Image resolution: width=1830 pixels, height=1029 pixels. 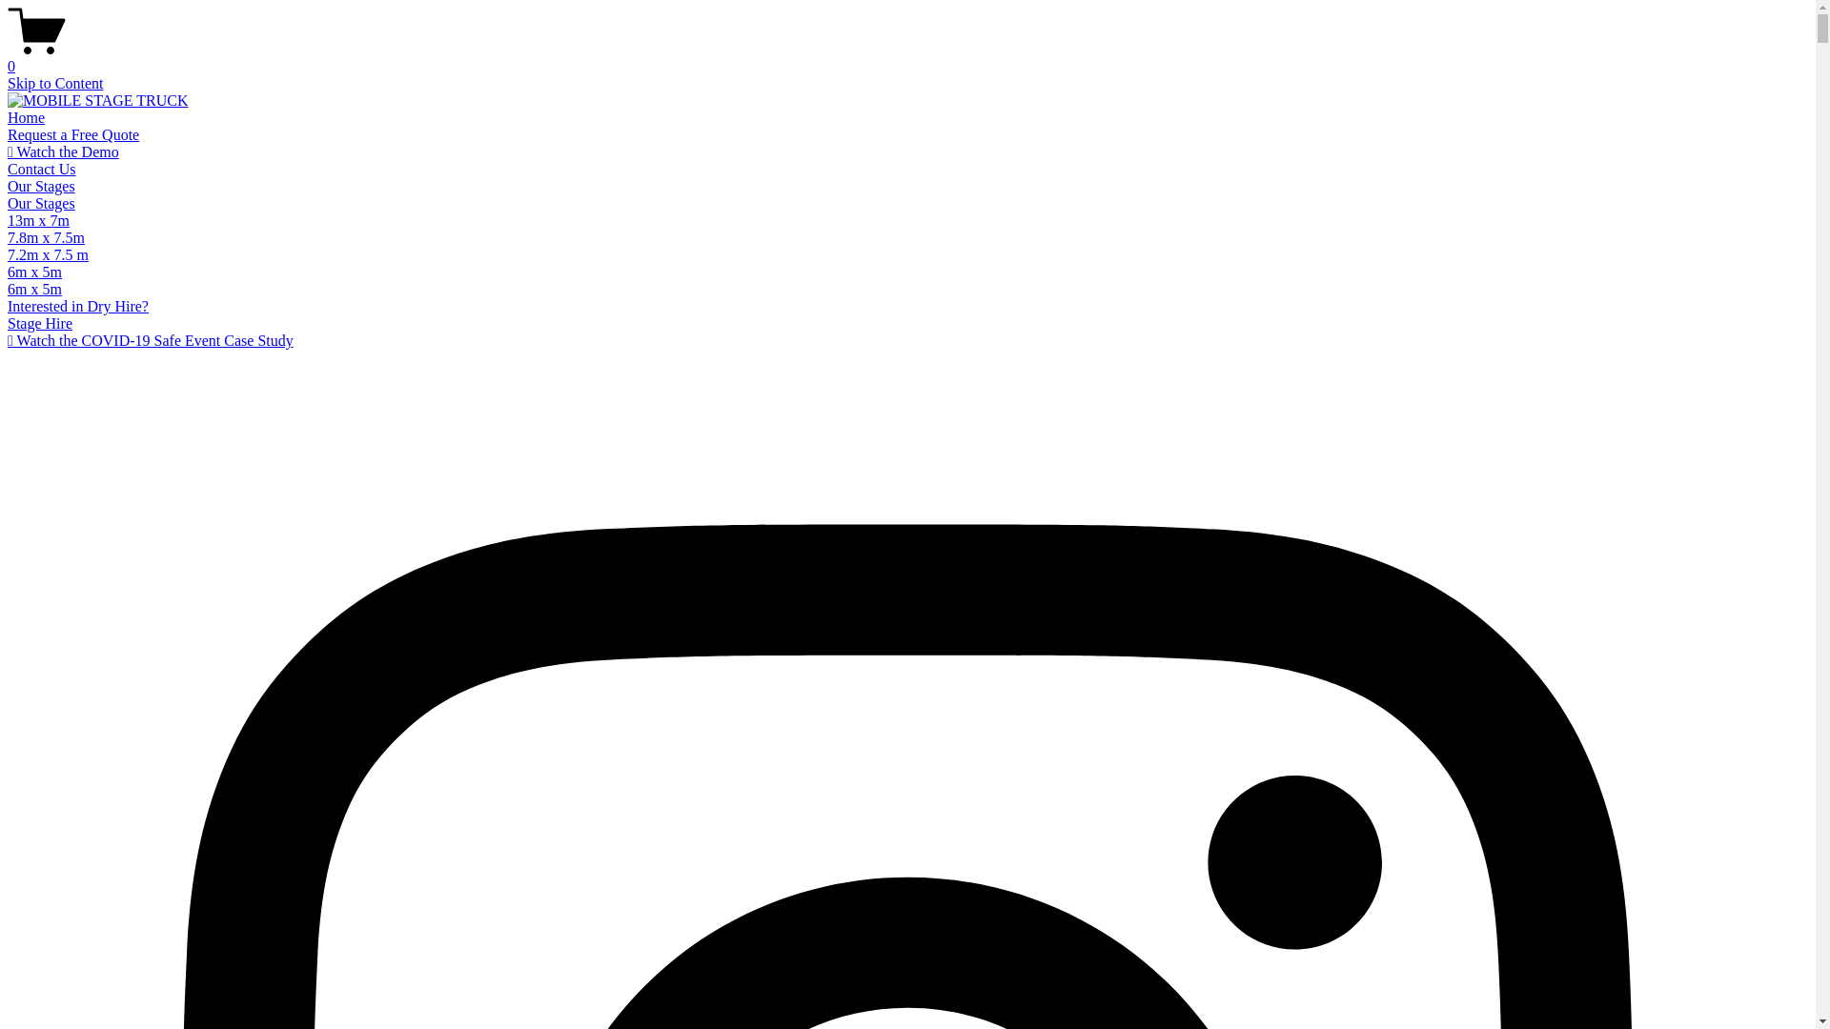 I want to click on 'Our Stages', so click(x=41, y=203).